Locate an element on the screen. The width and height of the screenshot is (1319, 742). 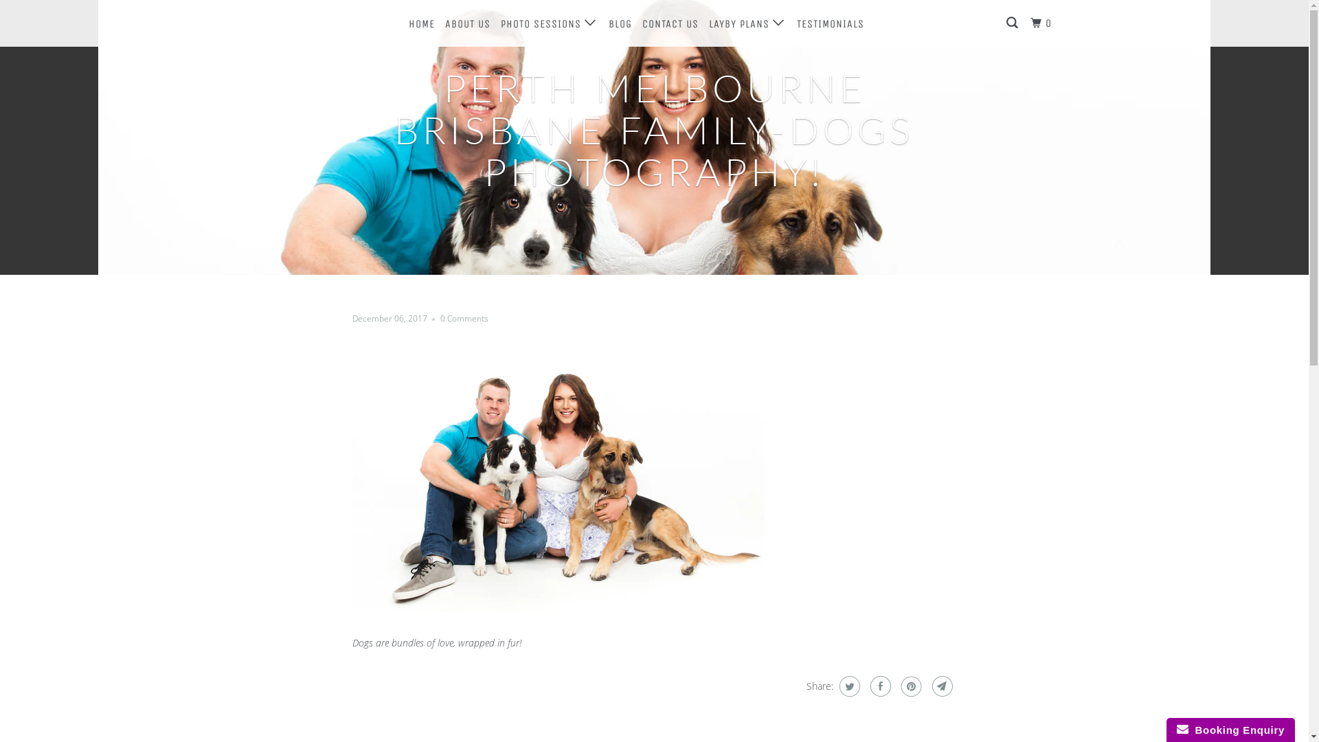
'ABOUT US' is located at coordinates (442, 23).